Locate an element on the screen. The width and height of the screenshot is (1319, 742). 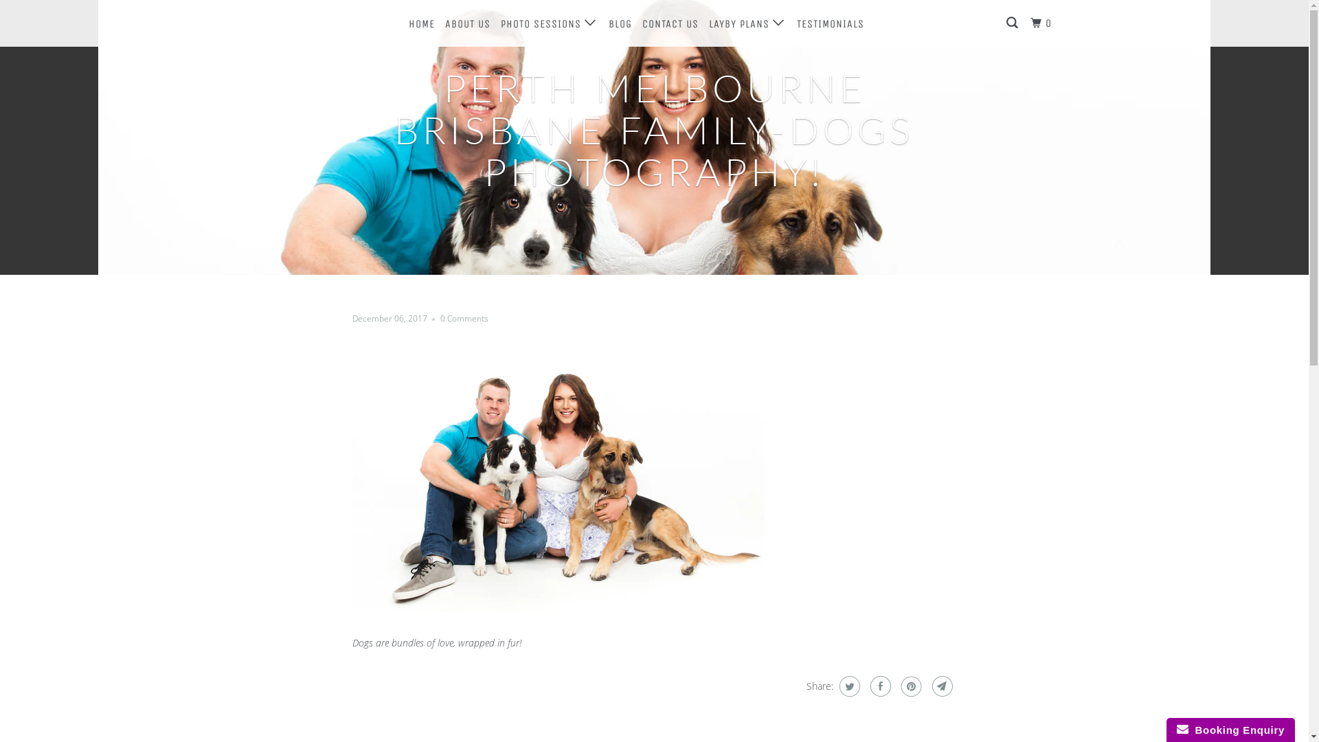
'ABOUT US' is located at coordinates (442, 23).